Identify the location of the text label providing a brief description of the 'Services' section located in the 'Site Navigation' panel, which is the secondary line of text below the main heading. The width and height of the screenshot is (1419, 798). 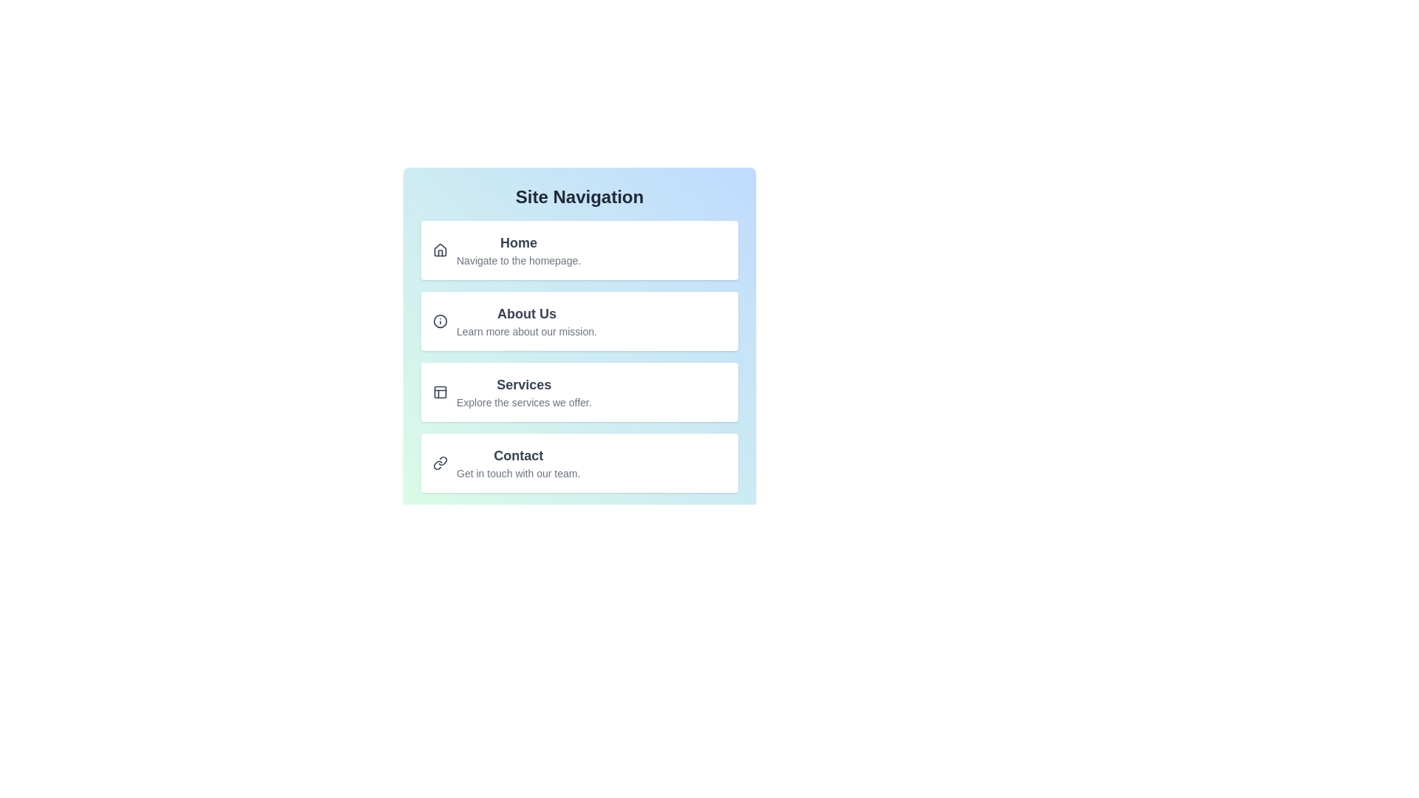
(524, 402).